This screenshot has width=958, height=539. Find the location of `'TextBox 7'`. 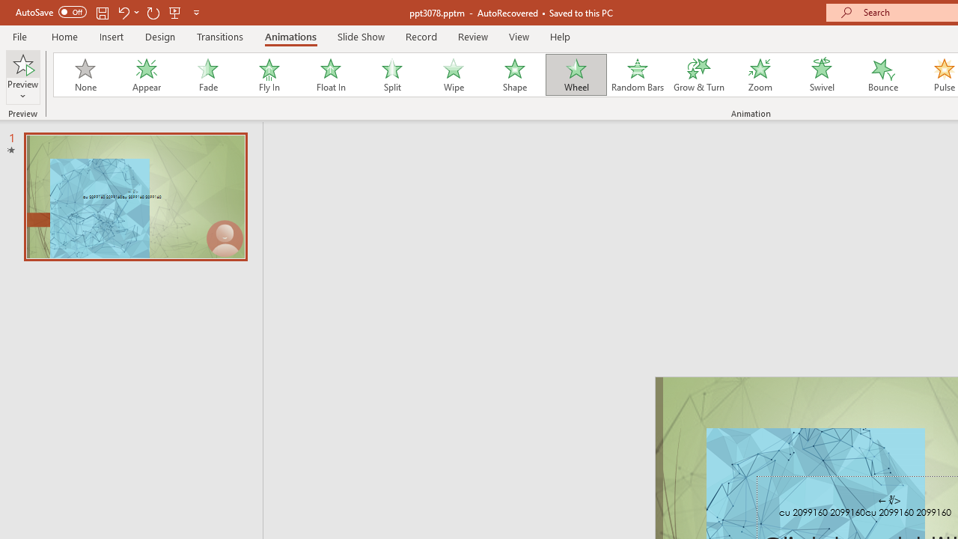

'TextBox 7' is located at coordinates (890, 500).